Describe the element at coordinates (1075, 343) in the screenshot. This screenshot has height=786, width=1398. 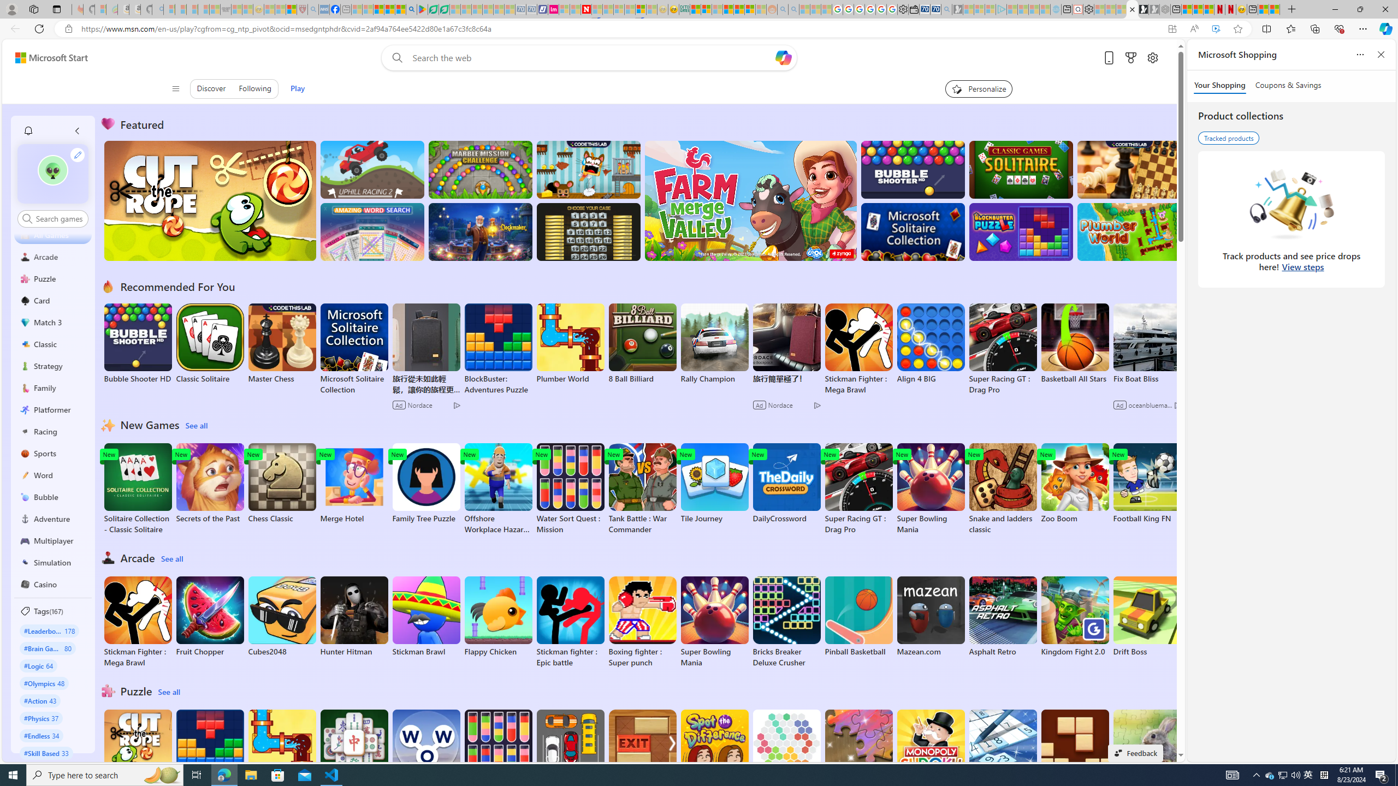
I see `'Basketball All Stars'` at that location.